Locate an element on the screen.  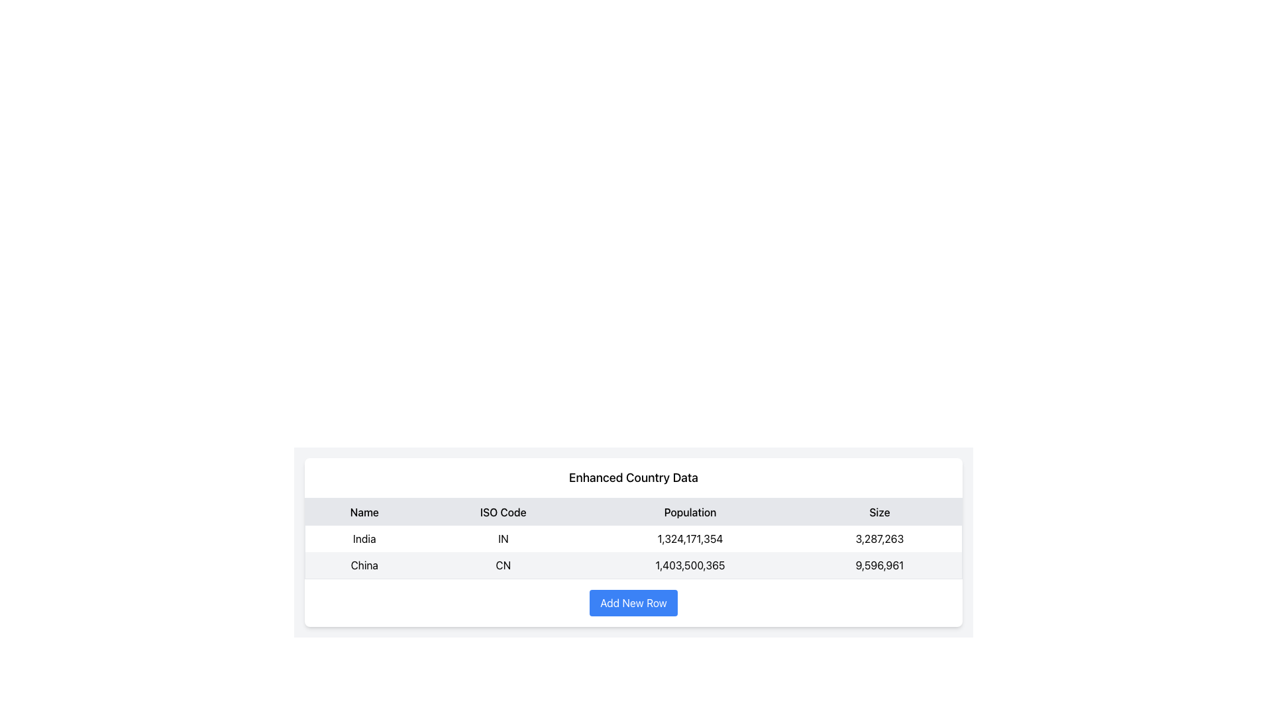
the 'Add New Row' button, which is a rectangular button with rounded edges and a blue background, located at the bottom of the 'Enhanced Country Data' table is located at coordinates (633, 602).